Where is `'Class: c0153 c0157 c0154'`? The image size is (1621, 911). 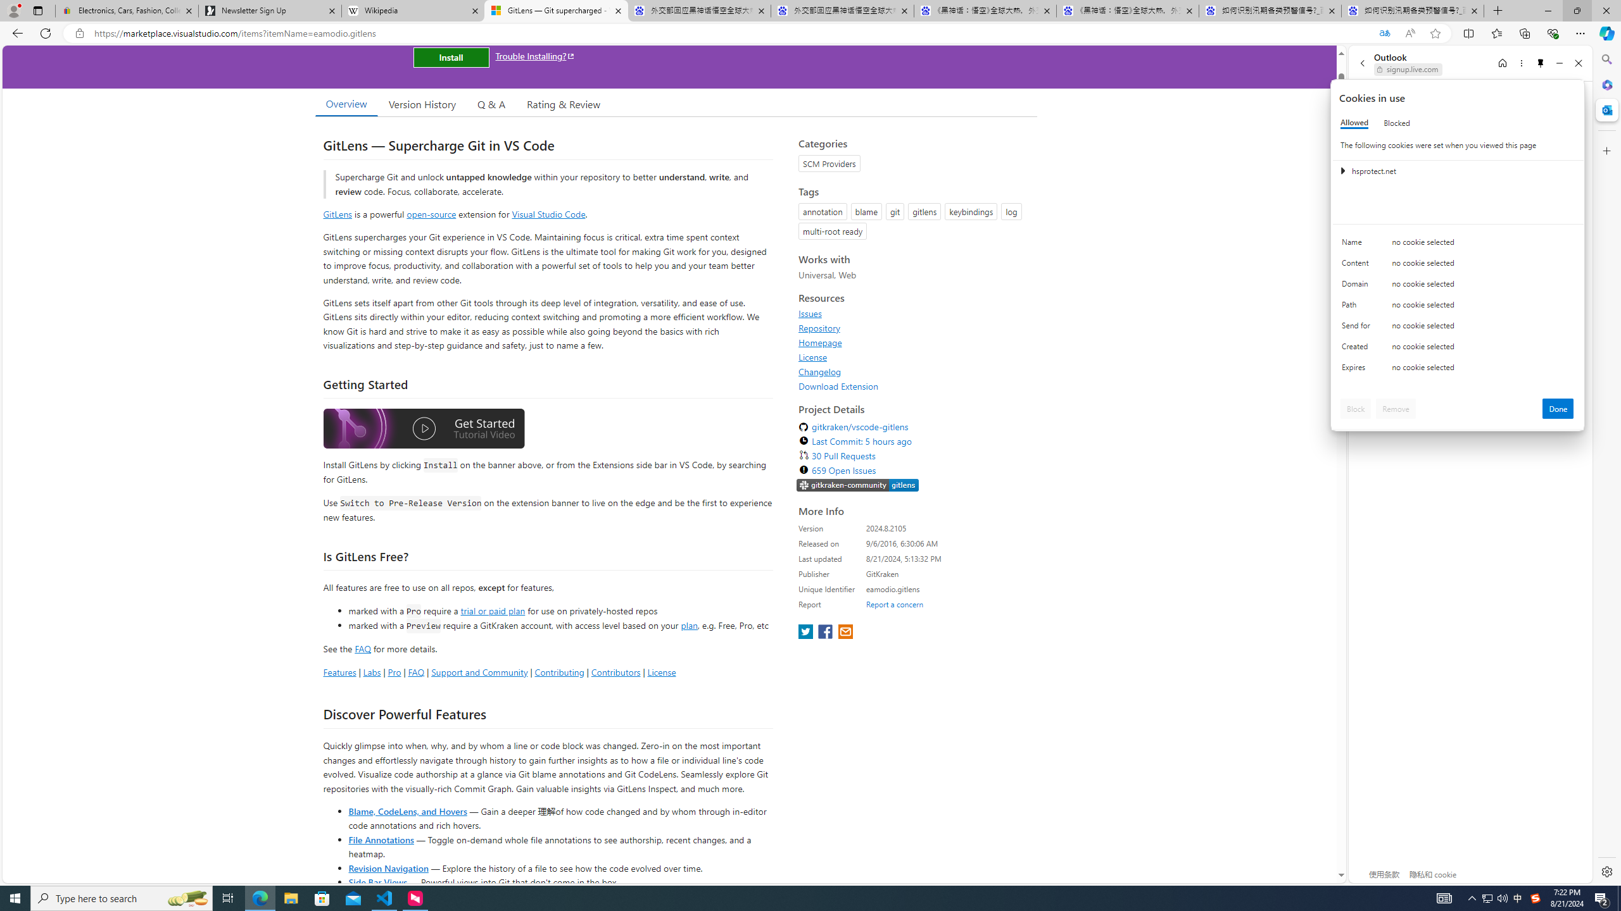 'Class: c0153 c0157 c0154' is located at coordinates (1458, 245).